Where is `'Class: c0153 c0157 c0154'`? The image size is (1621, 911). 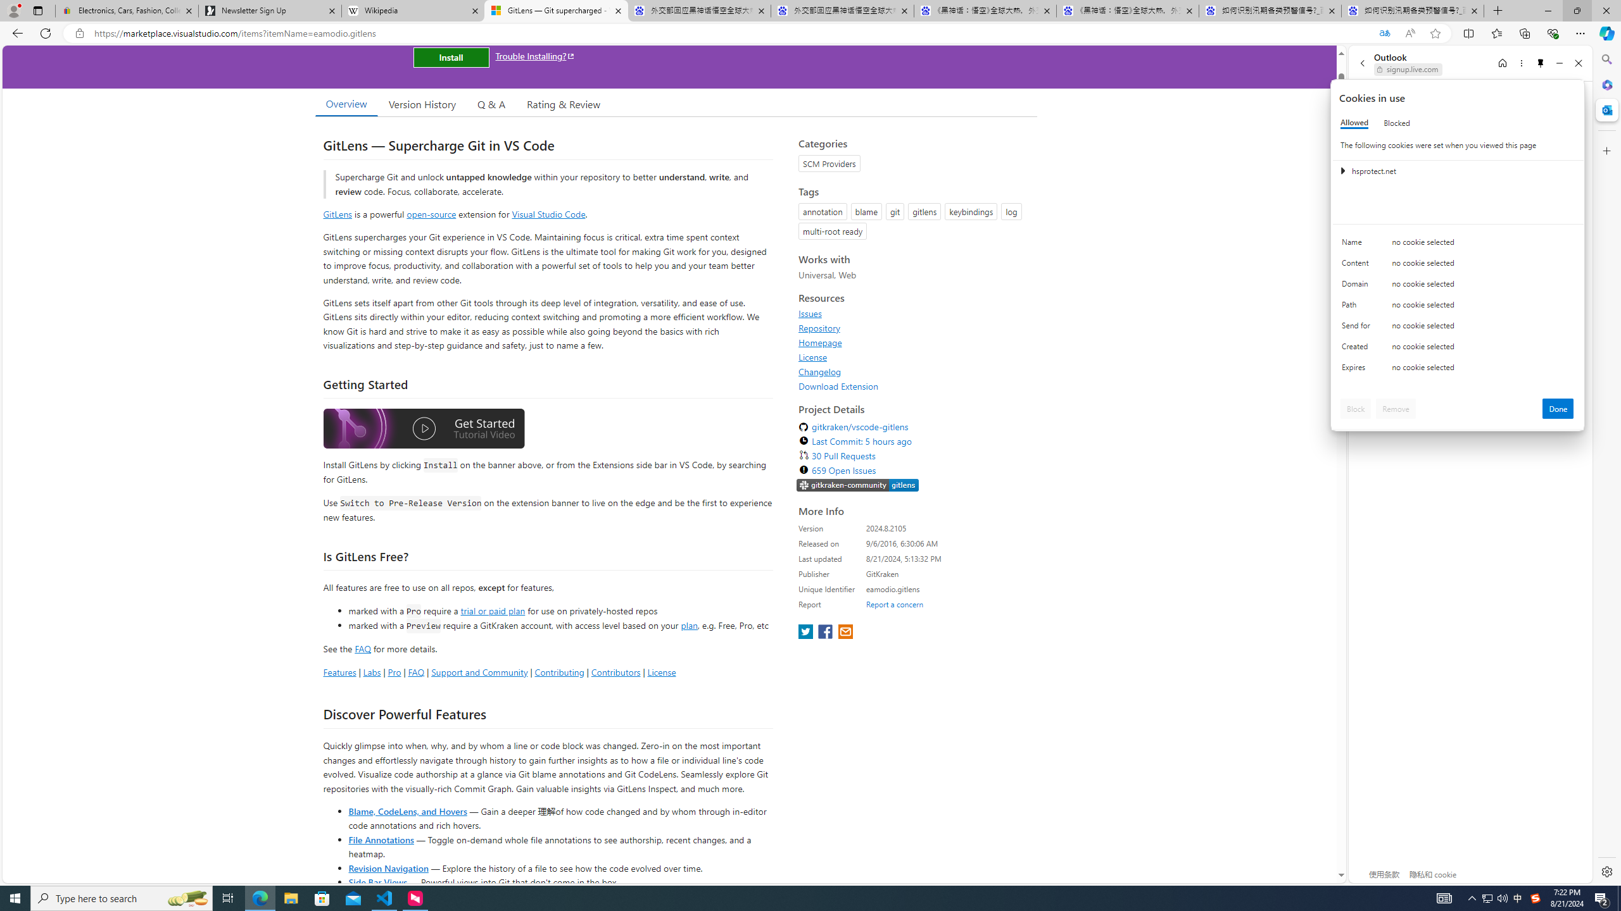 'Class: c0153 c0157 c0154' is located at coordinates (1458, 245).